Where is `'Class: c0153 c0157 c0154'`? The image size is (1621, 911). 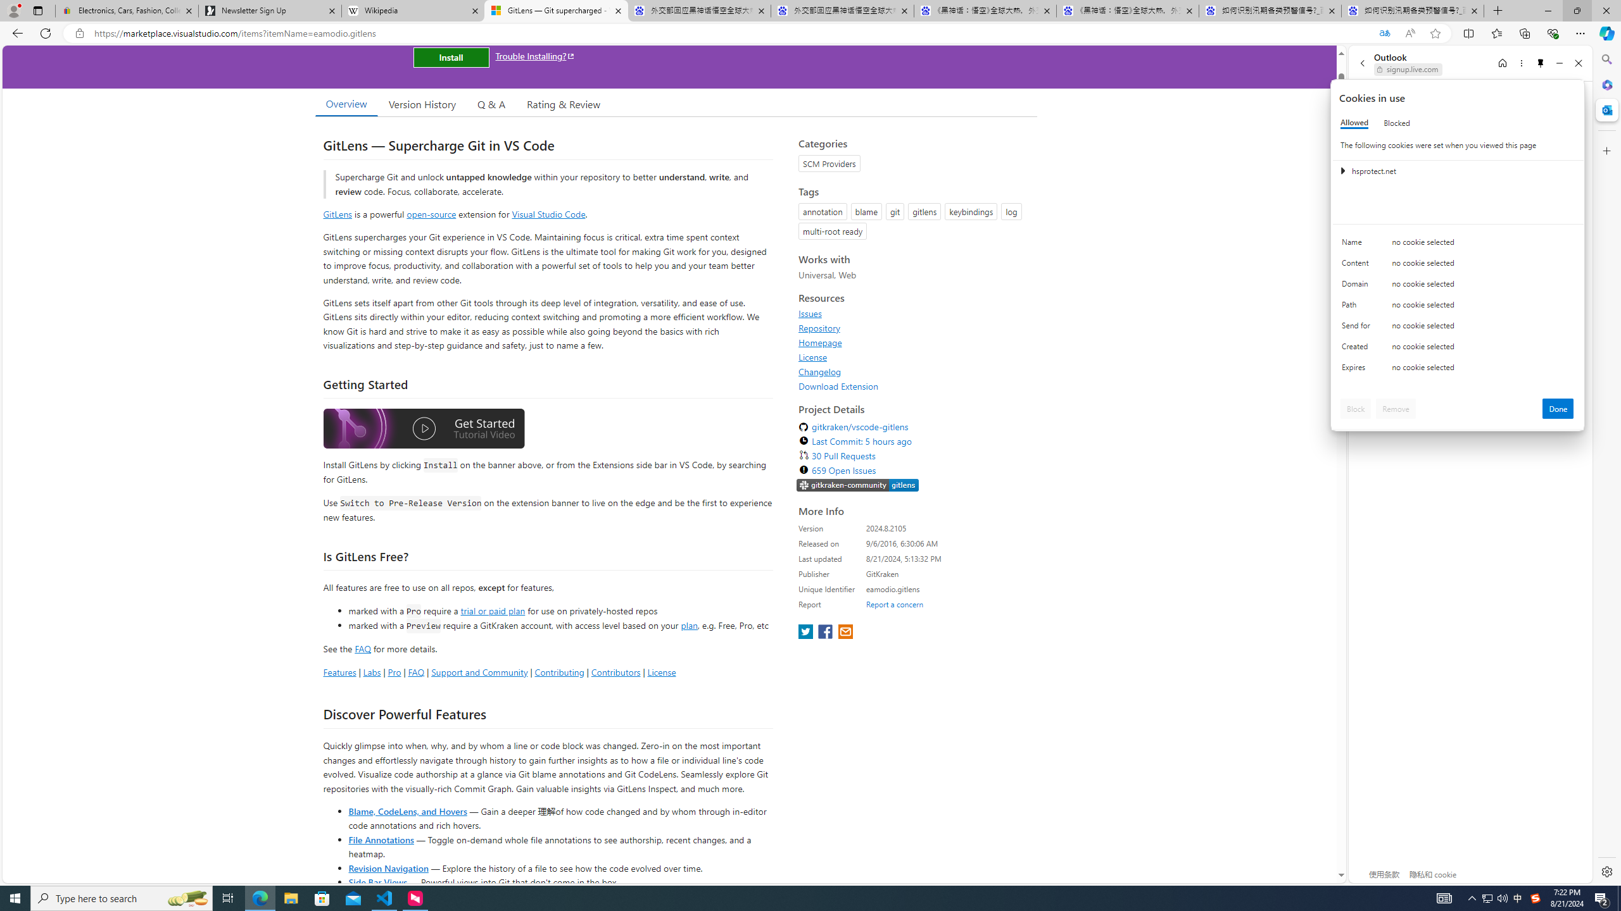 'Class: c0153 c0157 c0154' is located at coordinates (1458, 245).